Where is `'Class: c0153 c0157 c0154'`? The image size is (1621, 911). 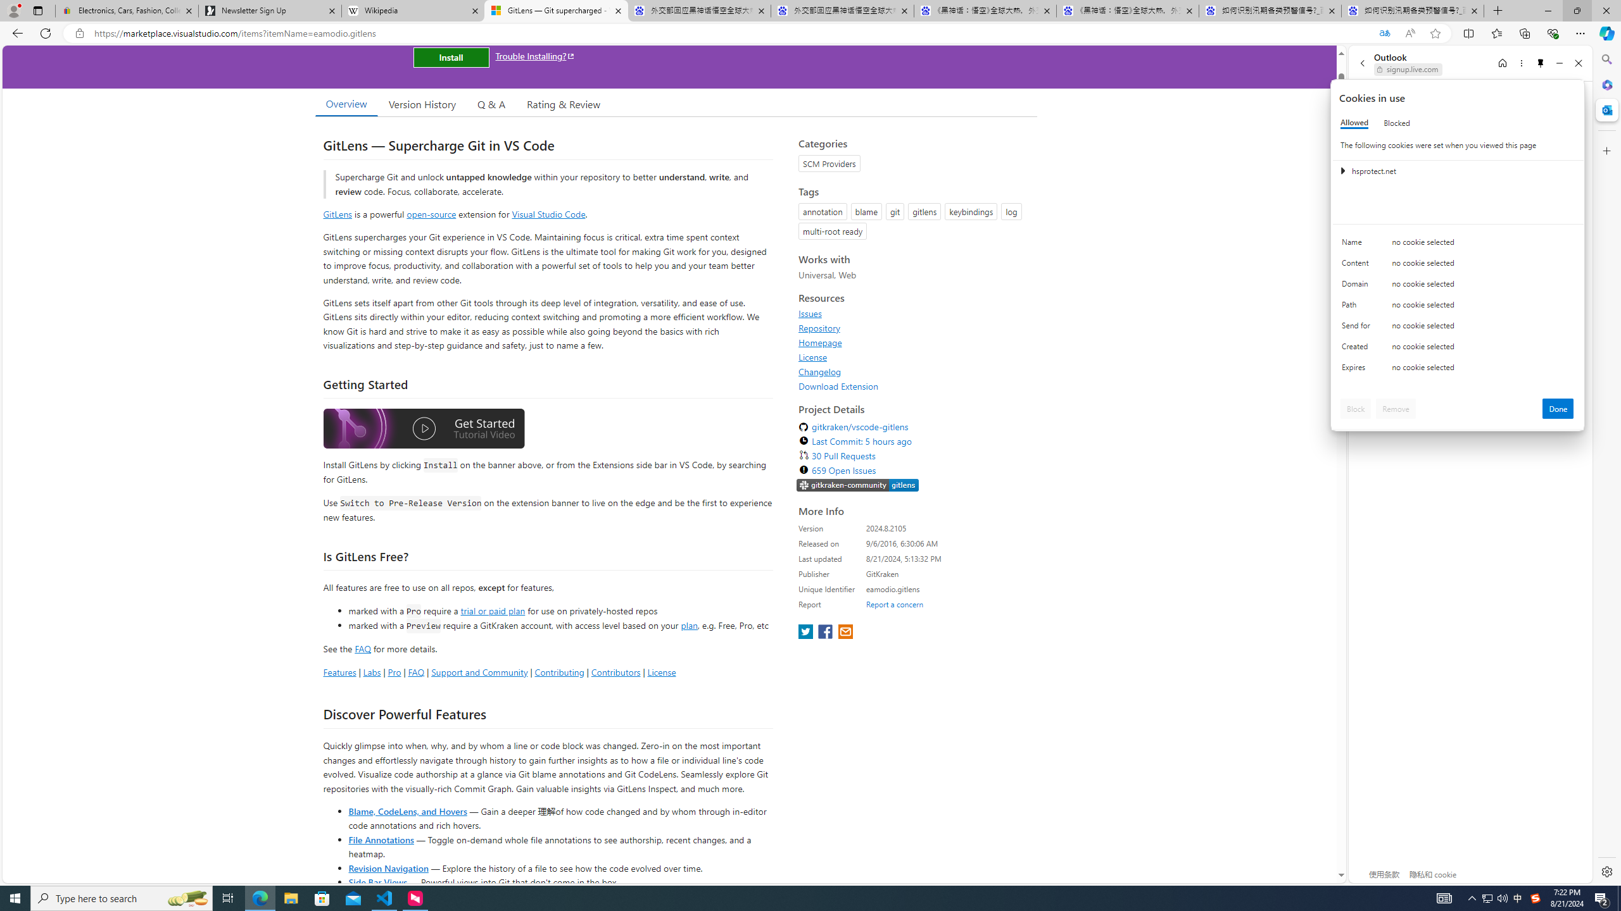 'Class: c0153 c0157 c0154' is located at coordinates (1458, 245).